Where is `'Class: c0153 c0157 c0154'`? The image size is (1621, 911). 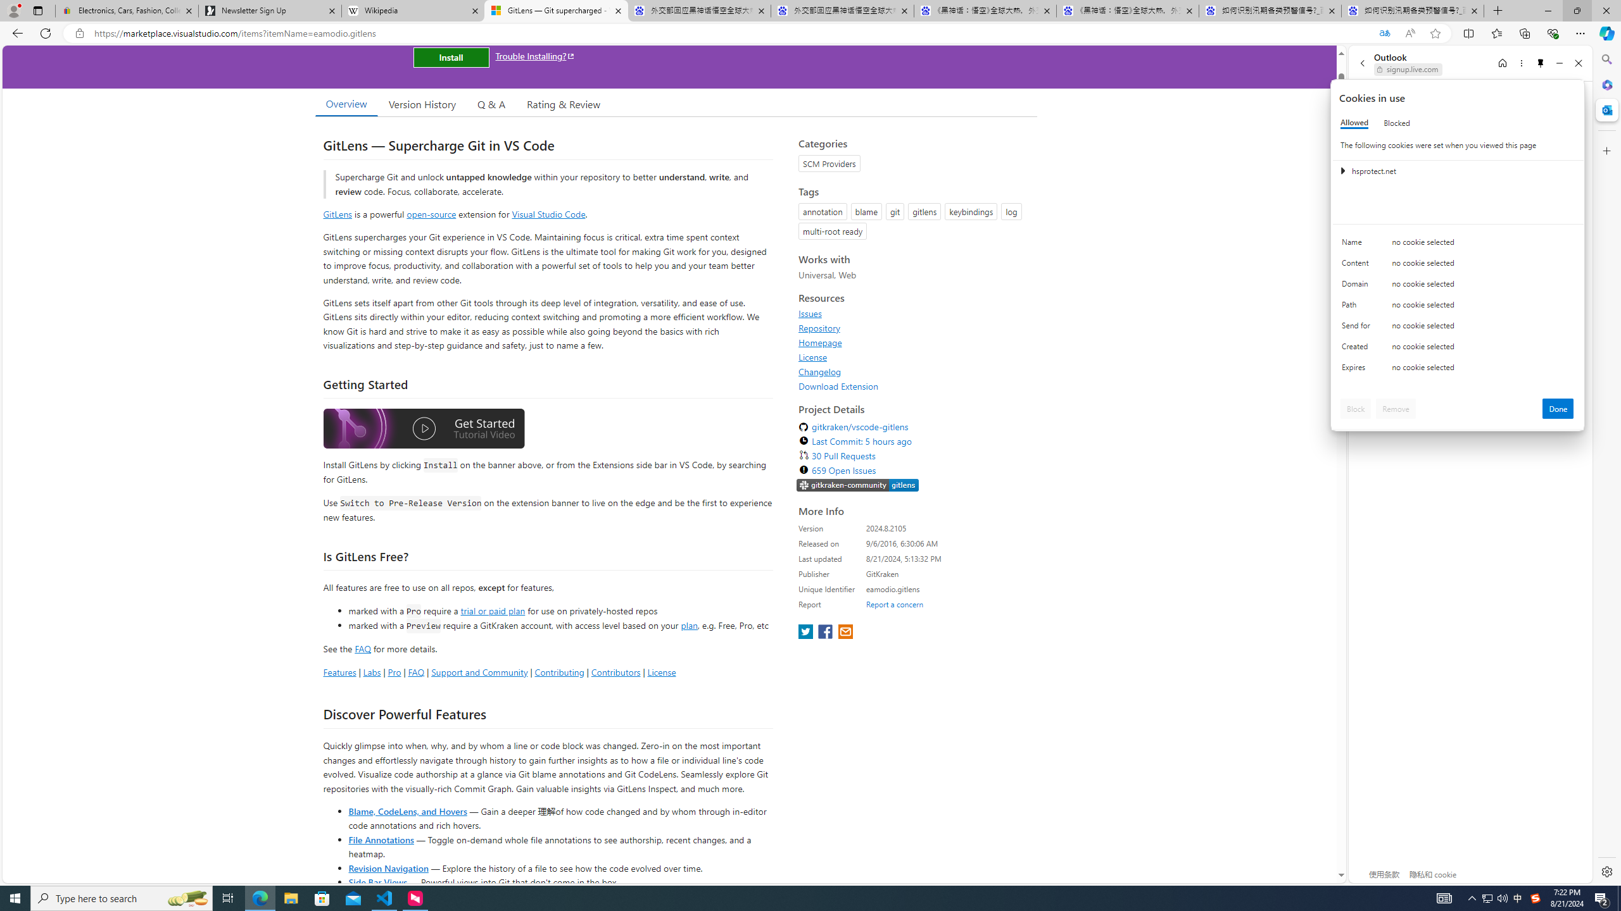 'Class: c0153 c0157 c0154' is located at coordinates (1458, 245).